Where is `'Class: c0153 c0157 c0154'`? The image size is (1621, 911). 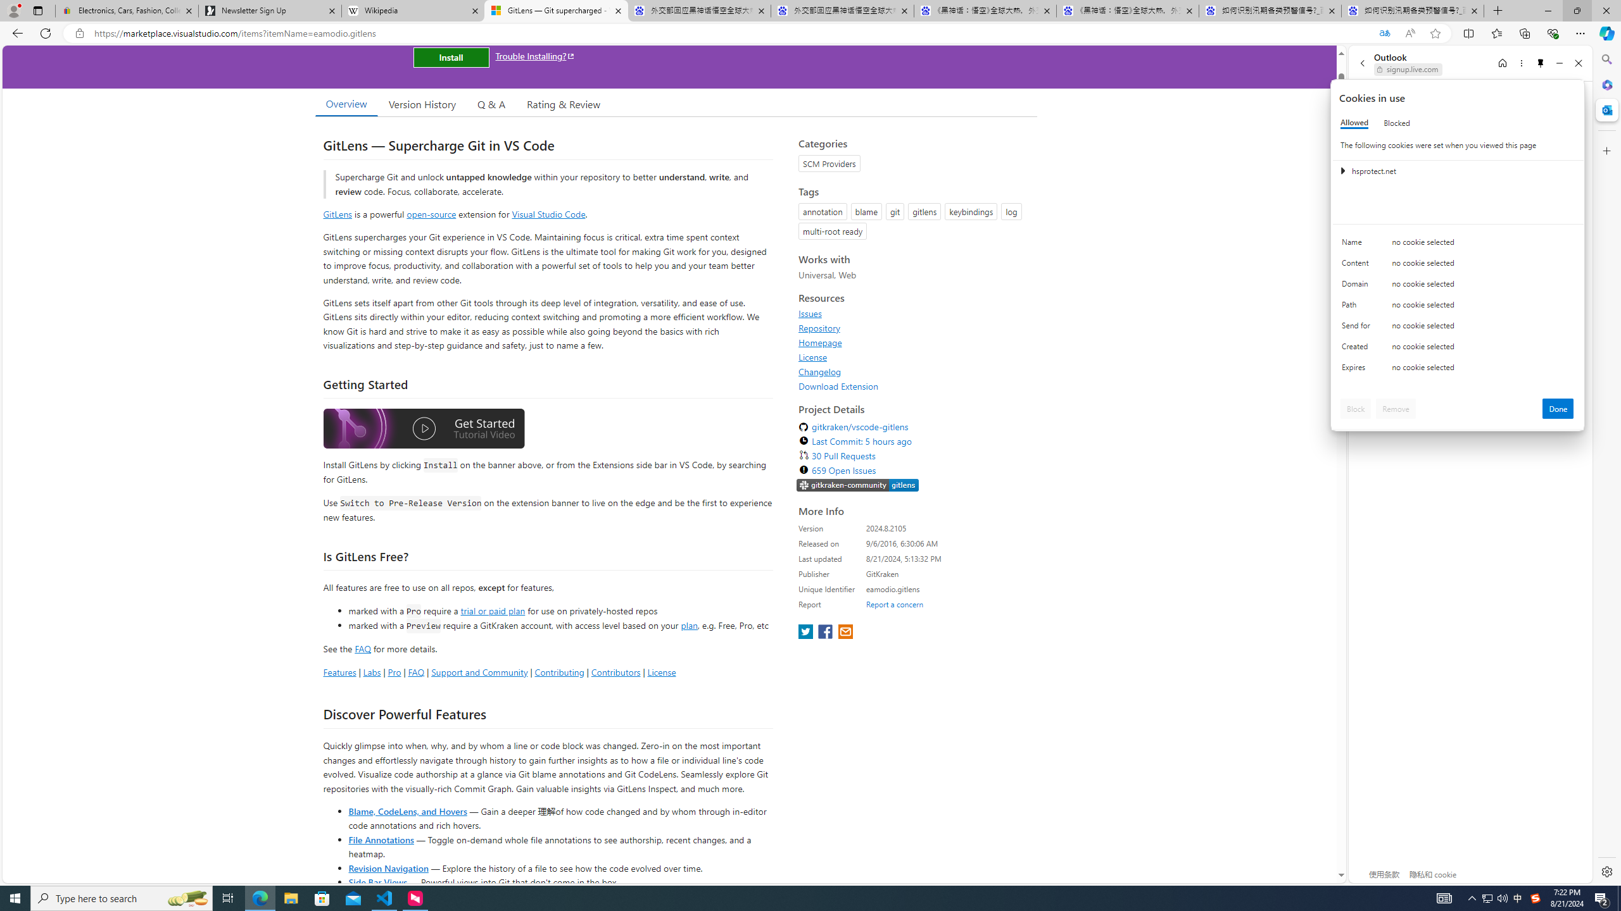 'Class: c0153 c0157 c0154' is located at coordinates (1458, 245).